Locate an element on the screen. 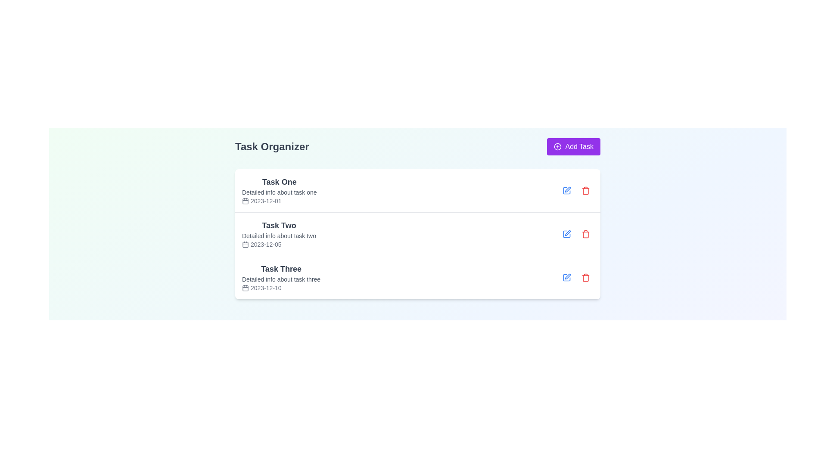 The image size is (827, 465). text label displaying 'Task One', which is the topmost text in the task list, styled in a large, bold, dark gray font is located at coordinates (279, 182).